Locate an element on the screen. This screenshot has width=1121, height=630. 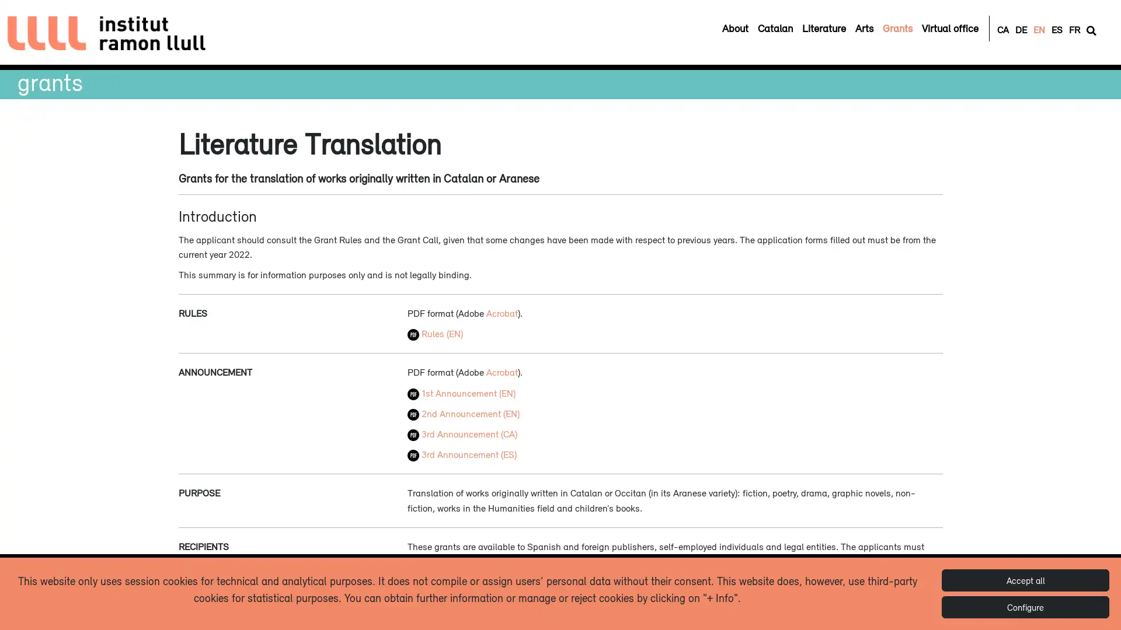
Accept all is located at coordinates (1025, 580).